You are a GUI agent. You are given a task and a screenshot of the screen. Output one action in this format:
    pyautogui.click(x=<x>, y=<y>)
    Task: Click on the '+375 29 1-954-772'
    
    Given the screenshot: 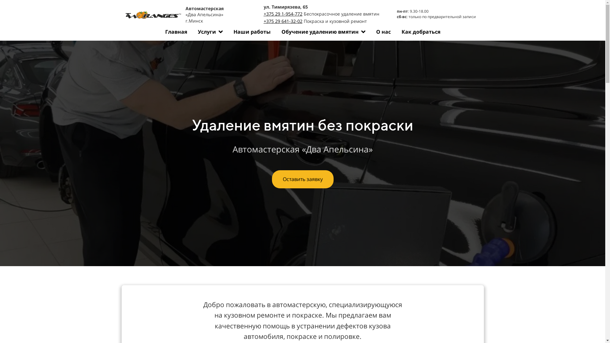 What is the action you would take?
    pyautogui.click(x=264, y=14)
    